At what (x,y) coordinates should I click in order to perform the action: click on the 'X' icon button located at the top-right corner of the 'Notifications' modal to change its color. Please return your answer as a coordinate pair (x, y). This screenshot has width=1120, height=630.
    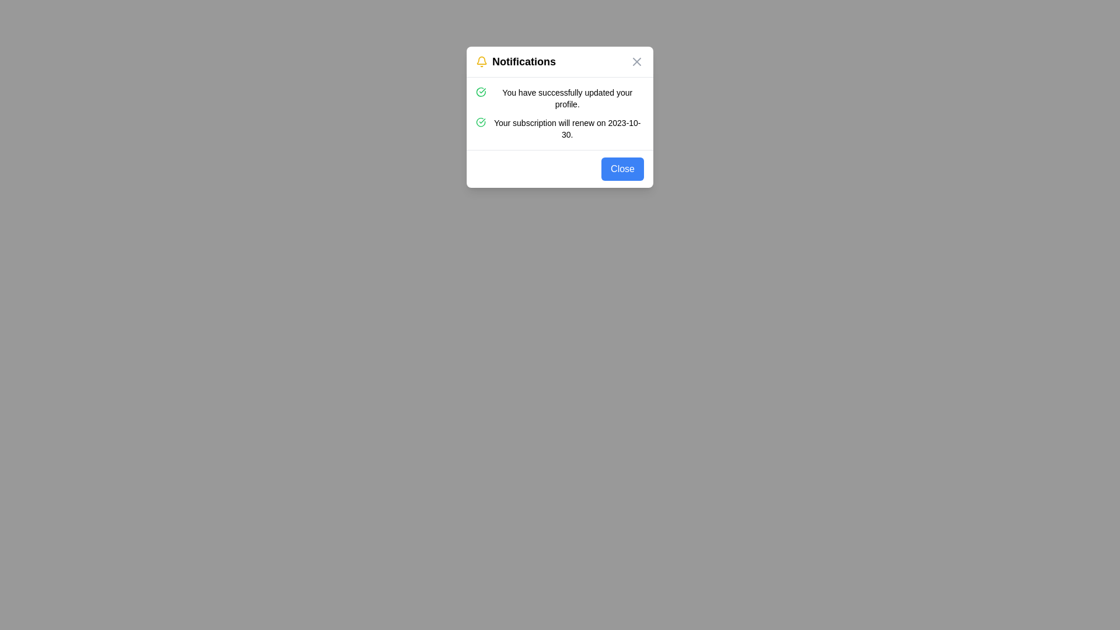
    Looking at the image, I should click on (636, 61).